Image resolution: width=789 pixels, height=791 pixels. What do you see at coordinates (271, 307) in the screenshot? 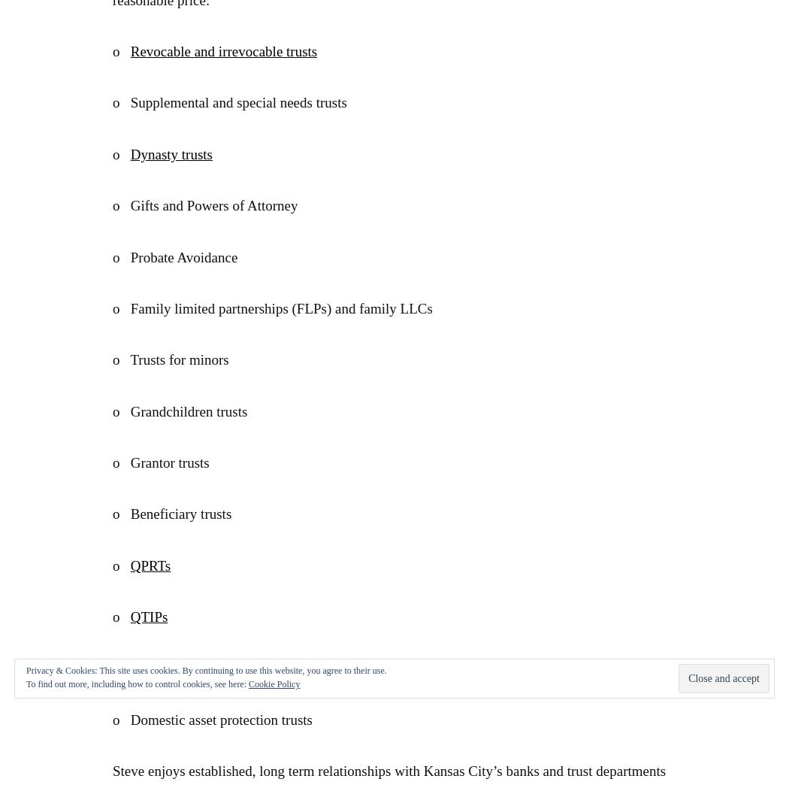
I see `'o   Family limited partnerships (FLPs) and family LLCs'` at bounding box center [271, 307].